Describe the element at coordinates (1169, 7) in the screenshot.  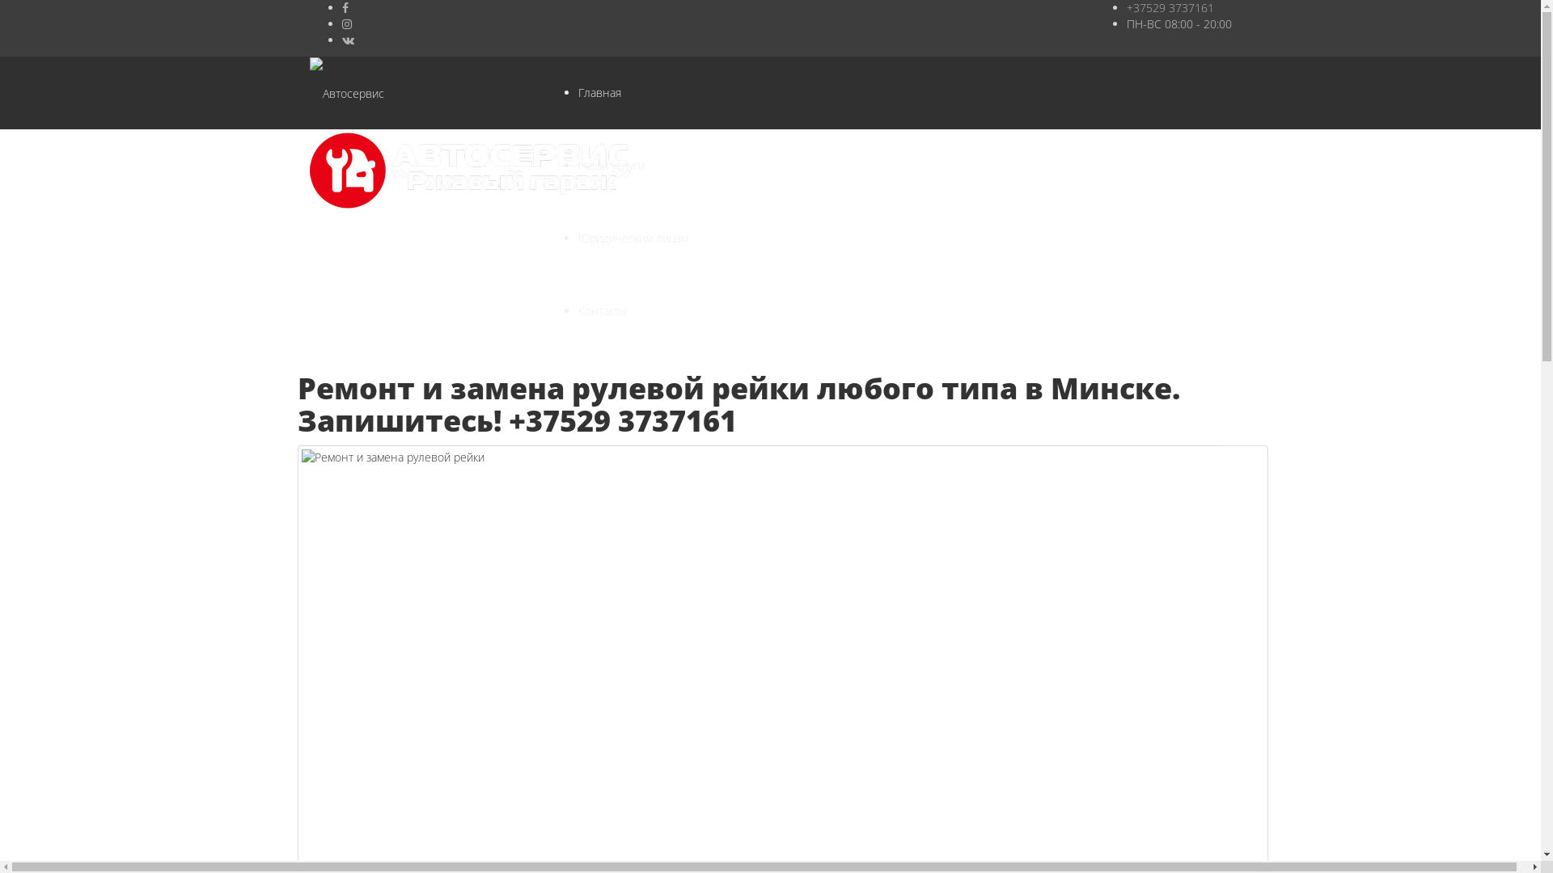
I see `'+37529 3737161'` at that location.